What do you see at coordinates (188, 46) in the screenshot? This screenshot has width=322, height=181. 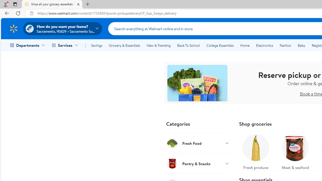 I see `'Back To School'` at bounding box center [188, 46].